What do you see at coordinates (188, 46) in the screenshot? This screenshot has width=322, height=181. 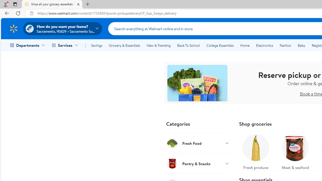 I see `'Back To School'` at bounding box center [188, 46].